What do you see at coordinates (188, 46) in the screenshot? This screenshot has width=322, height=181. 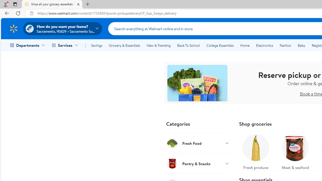 I see `'Back To School'` at bounding box center [188, 46].